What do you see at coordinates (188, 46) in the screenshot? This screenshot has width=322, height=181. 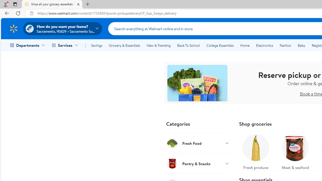 I see `'Back To School'` at bounding box center [188, 46].